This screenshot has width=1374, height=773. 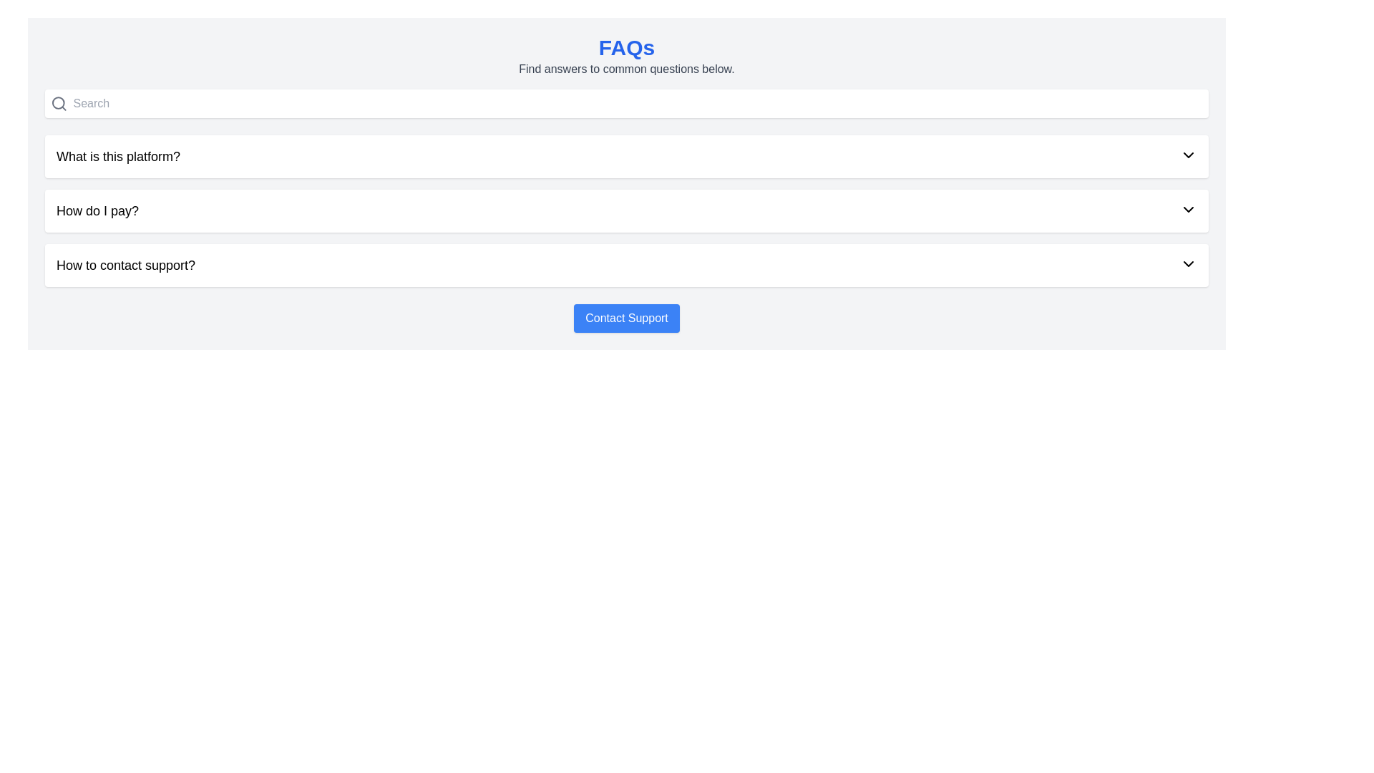 What do you see at coordinates (1188, 264) in the screenshot?
I see `the downward-pointing chevron icon associated with the text 'How to contact support?'` at bounding box center [1188, 264].